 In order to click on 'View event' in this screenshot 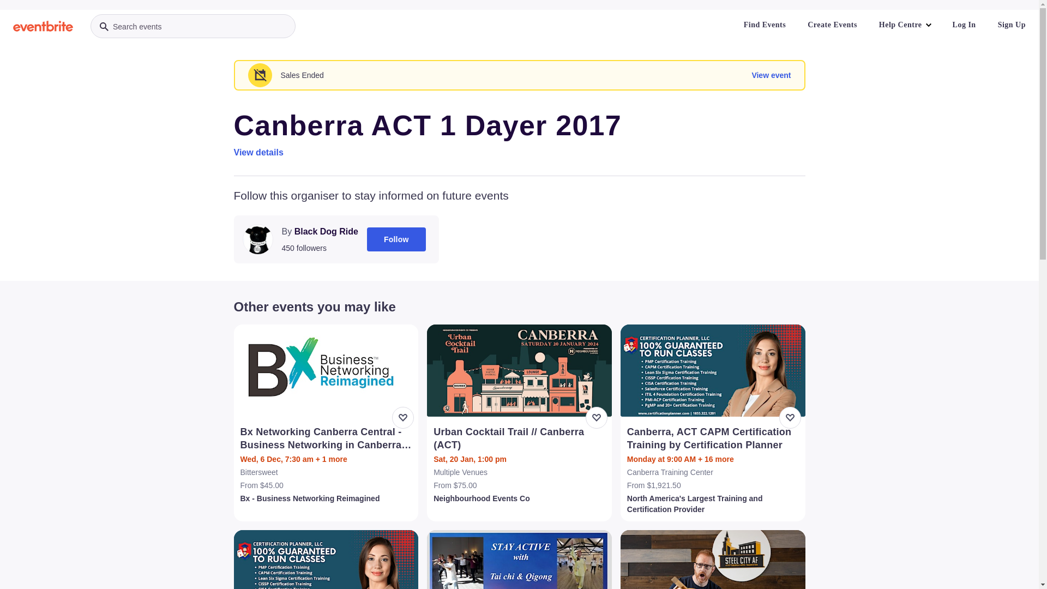, I will do `click(771, 75)`.